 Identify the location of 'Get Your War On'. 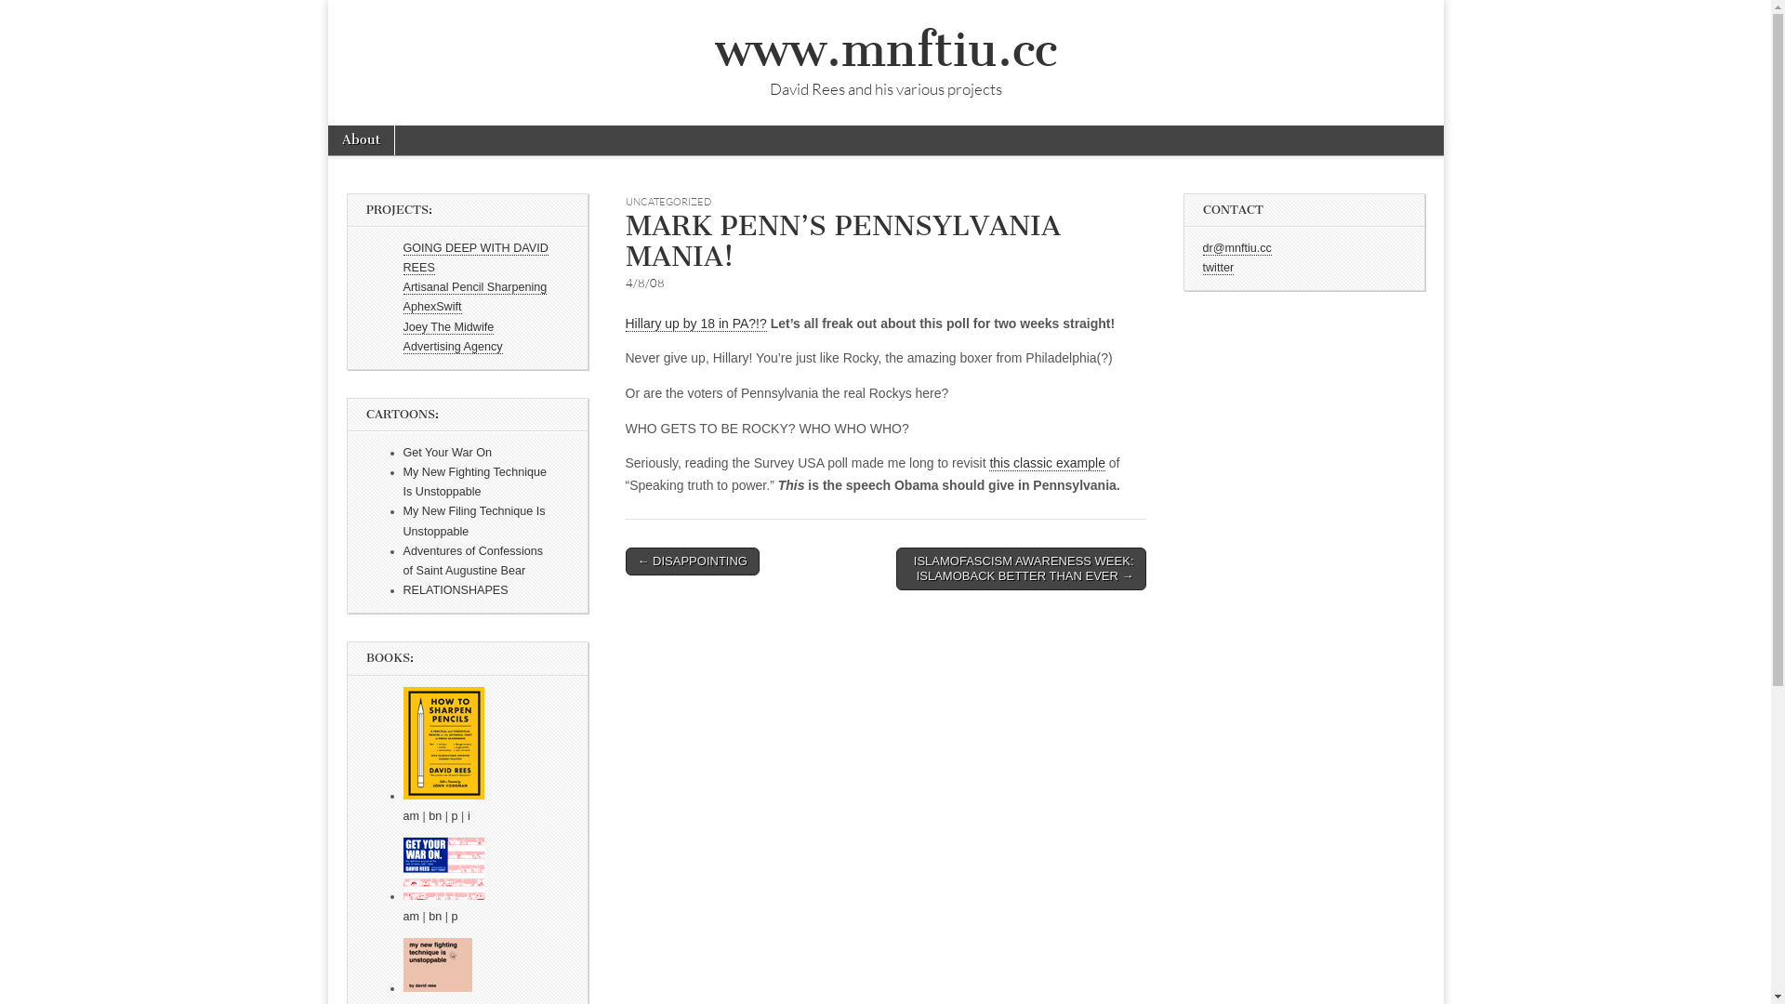
(447, 452).